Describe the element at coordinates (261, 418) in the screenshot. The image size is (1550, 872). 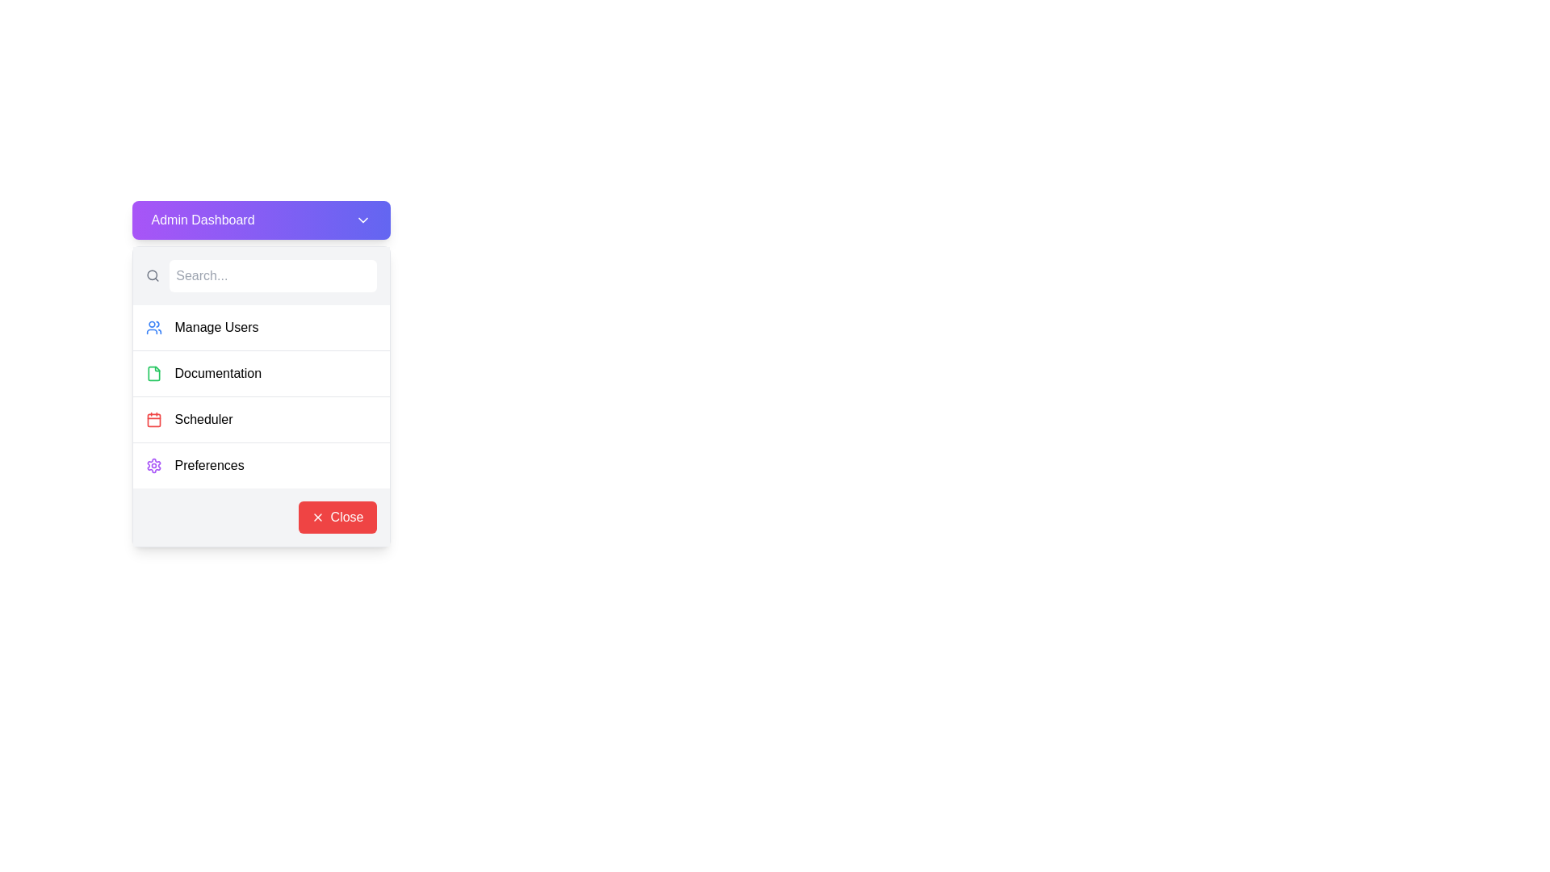
I see `the 'Scheduler' menu item, which is the third option in the vertical menu list` at that location.